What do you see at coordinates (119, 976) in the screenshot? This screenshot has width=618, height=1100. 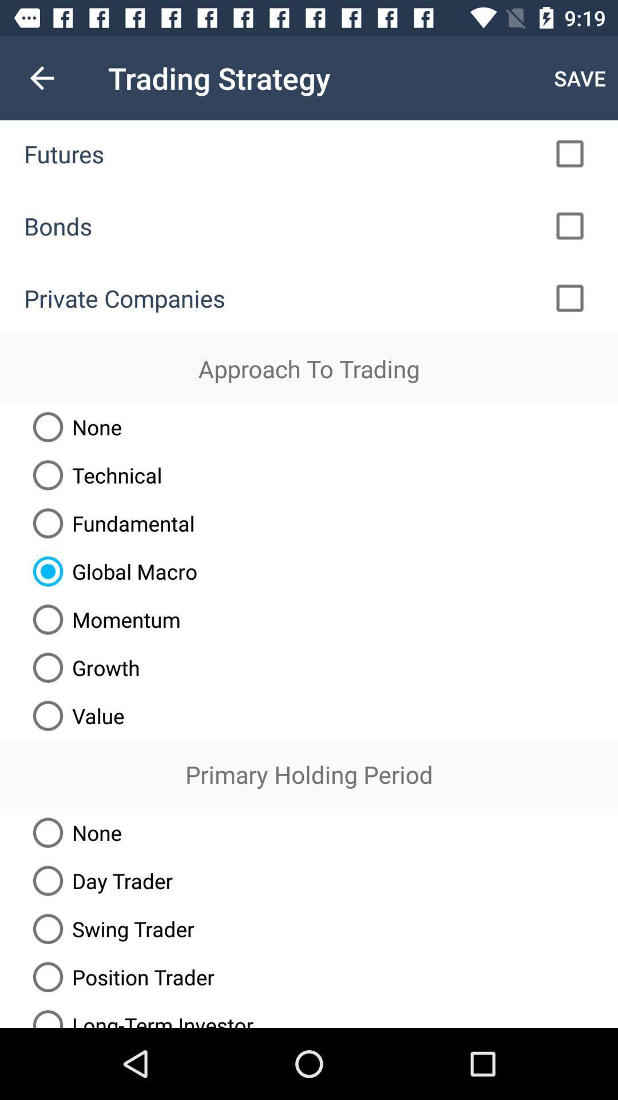 I see `position trader` at bounding box center [119, 976].